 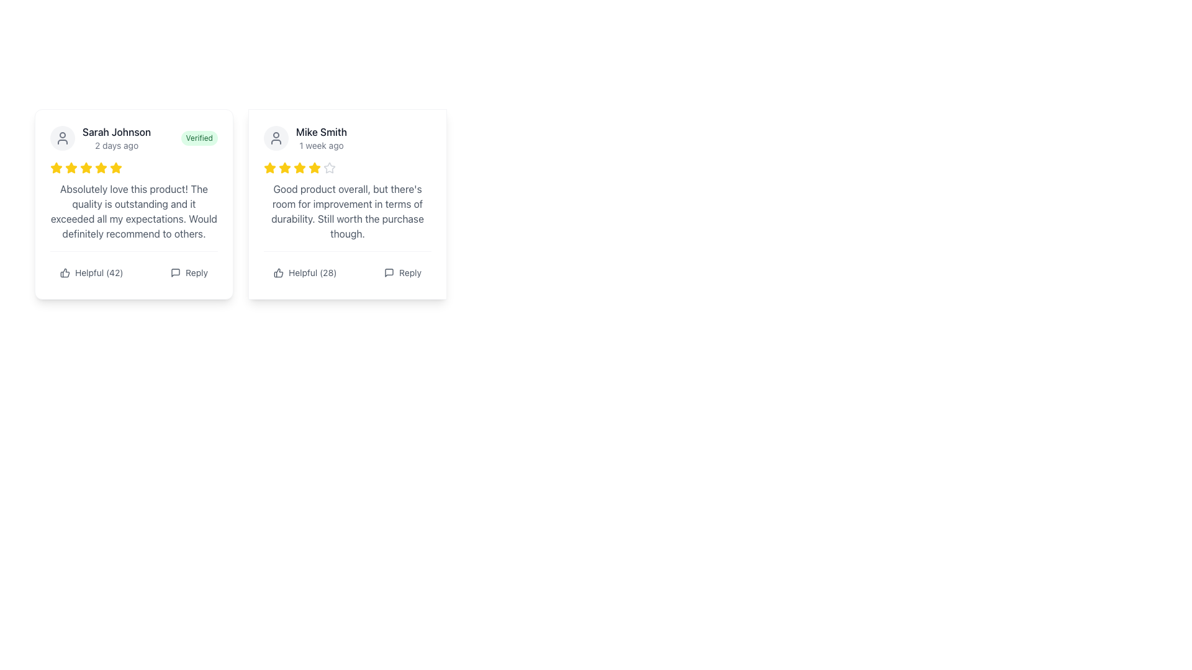 I want to click on the A rating component made of individual star icons, which is located directly below the user's name and review date information, centrally within the card layout, so click(x=134, y=167).